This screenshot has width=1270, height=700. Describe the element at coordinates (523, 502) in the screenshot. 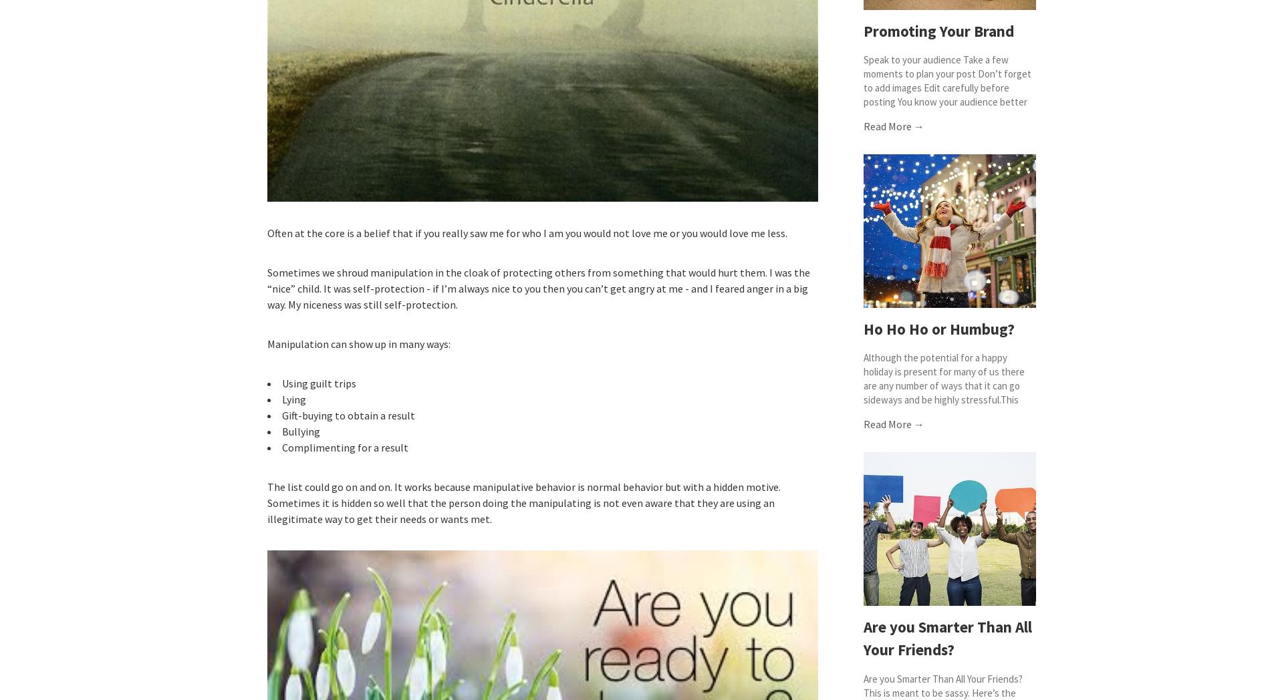

I see `'The list could go on and on. It works because manipulative behavior is normal behavior but with a hidden motive. Sometimes it is hidden so well that the person doing the manipulating is not even aware that they are using an illegitimate way to get their needs or wants met.'` at that location.